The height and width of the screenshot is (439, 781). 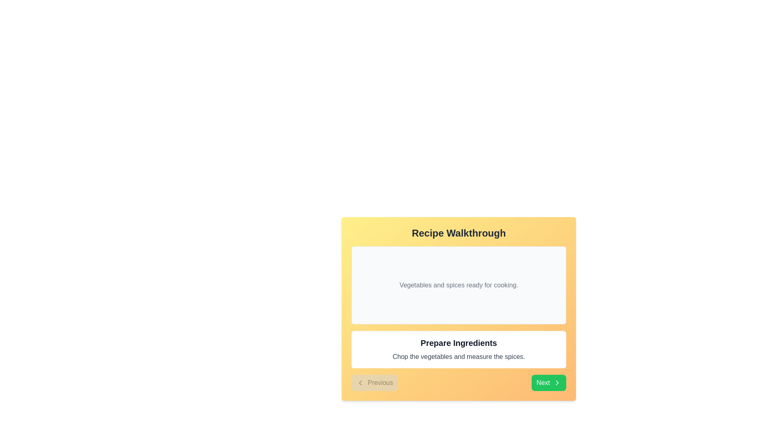 I want to click on the static informational text that provides instructions for the current step in the recipe walkthrough, located beneath the 'Prepare Ingredients' heading, so click(x=459, y=356).